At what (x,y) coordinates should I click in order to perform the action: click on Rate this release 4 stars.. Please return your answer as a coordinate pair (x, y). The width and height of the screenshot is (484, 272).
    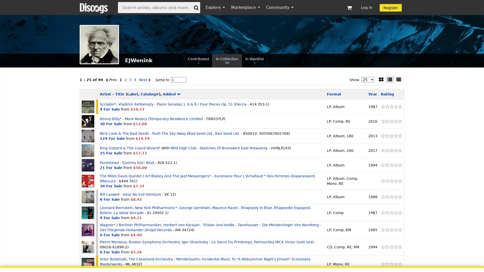
    Looking at the image, I should click on (395, 107).